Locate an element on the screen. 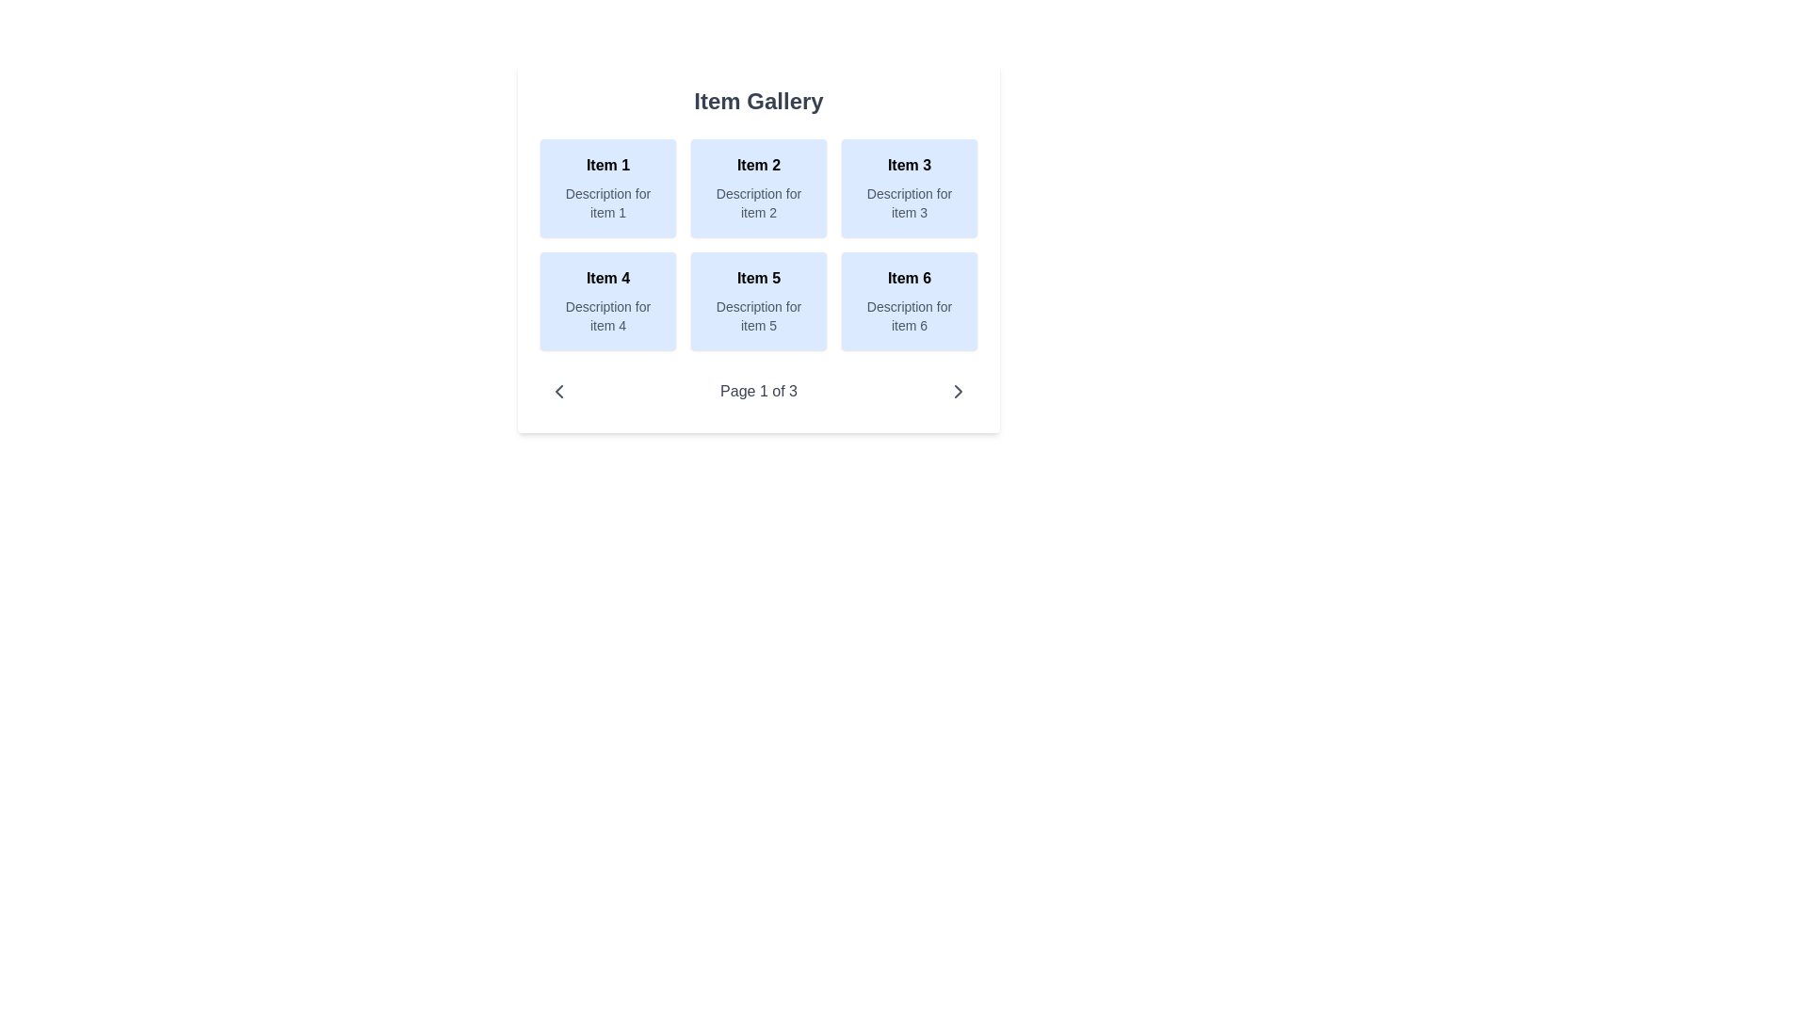 This screenshot has height=1017, width=1808. the Content card with a light blue background, titled 'Item 4', located in the second row and first column of the grid layout is located at coordinates (608, 300).